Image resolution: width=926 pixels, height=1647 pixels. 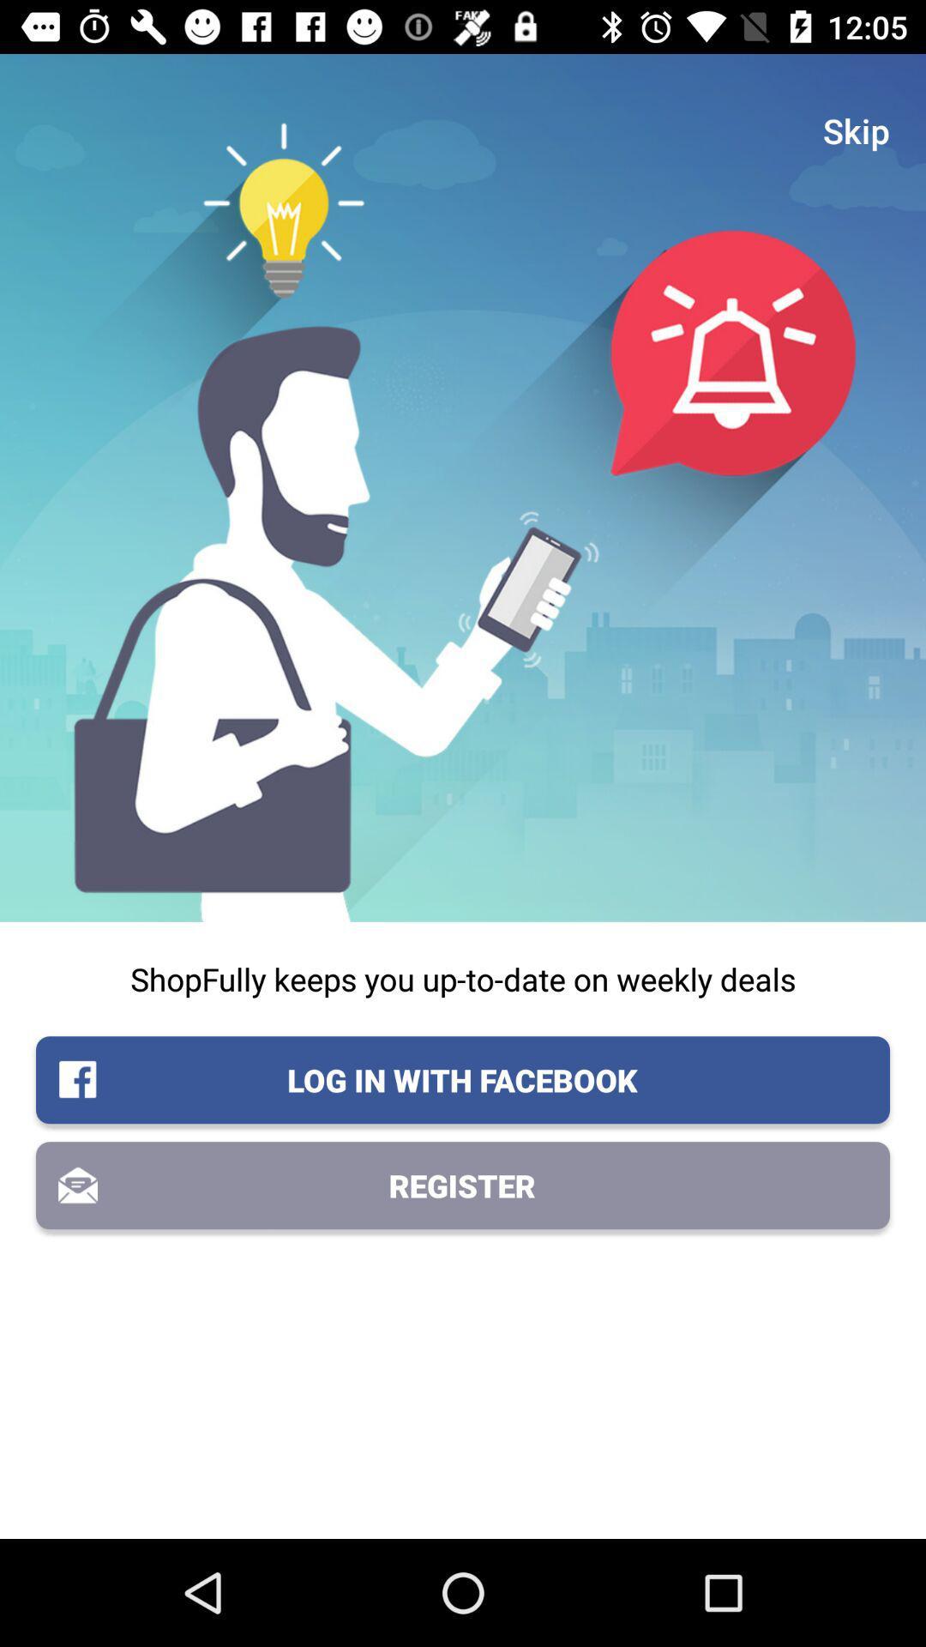 I want to click on the log in with item, so click(x=463, y=1079).